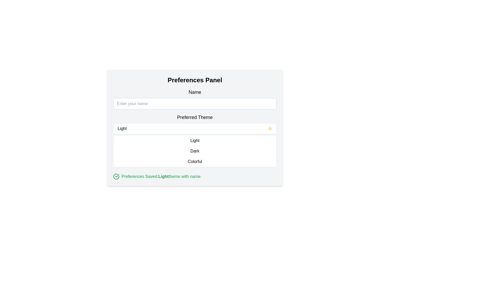 Image resolution: width=503 pixels, height=283 pixels. Describe the element at coordinates (195, 140) in the screenshot. I see `the 'Light' theme option label in the 'Preferred Theme' section for visual feedback` at that location.